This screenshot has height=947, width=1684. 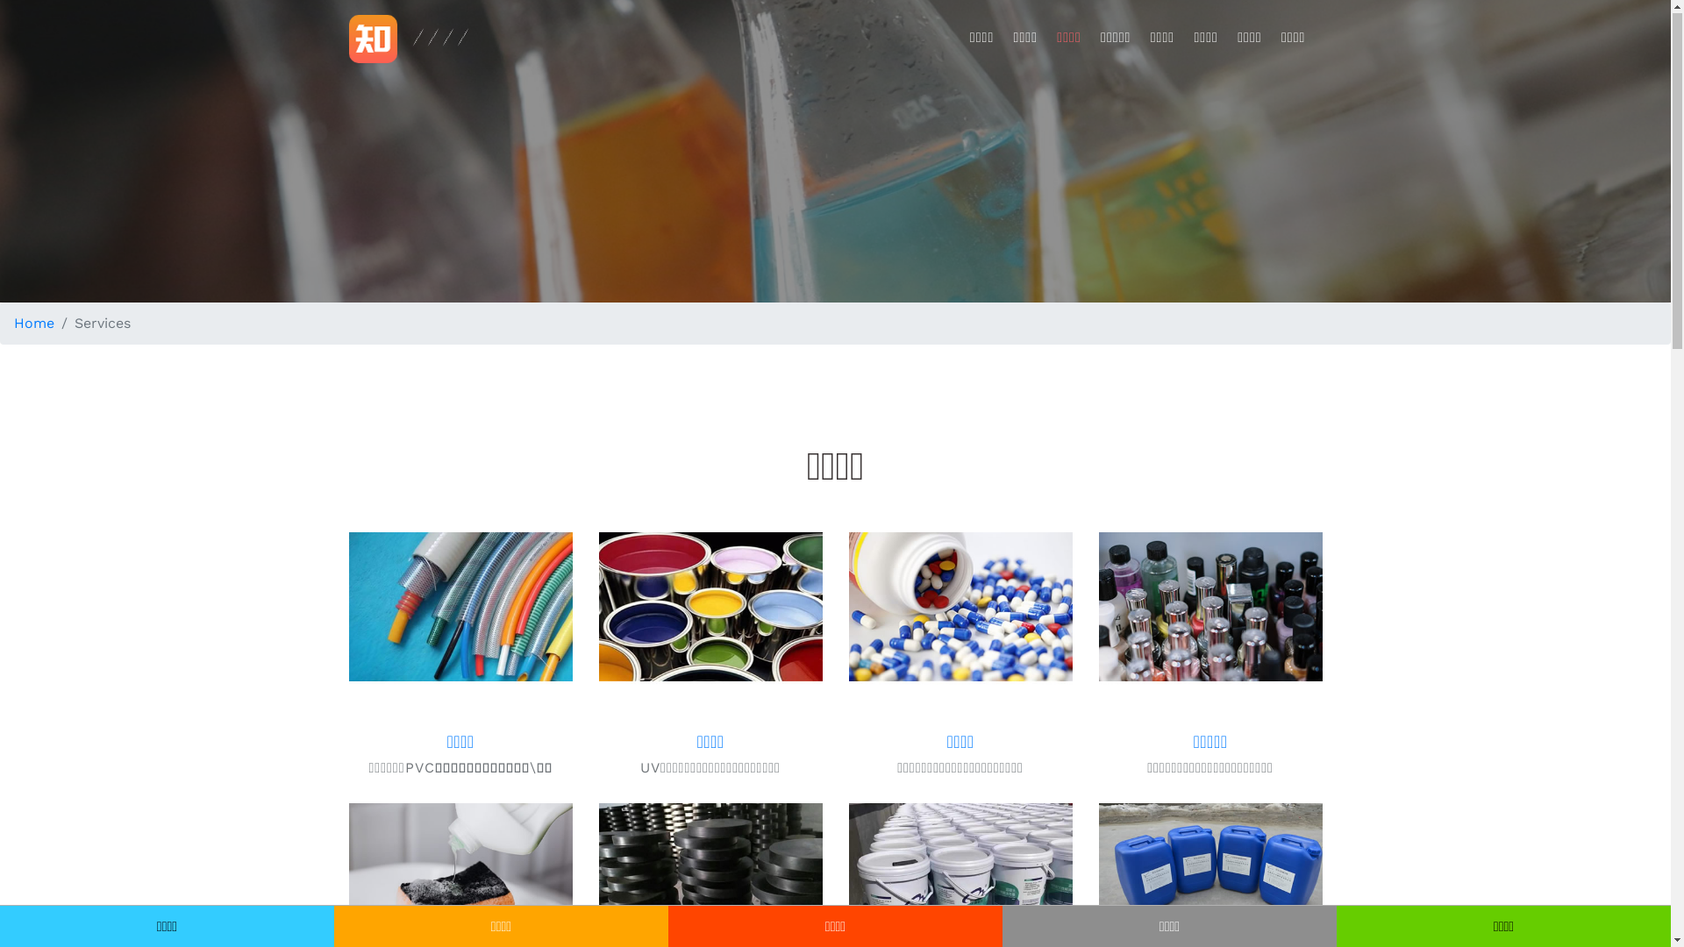 I want to click on 'Home', so click(x=33, y=324).